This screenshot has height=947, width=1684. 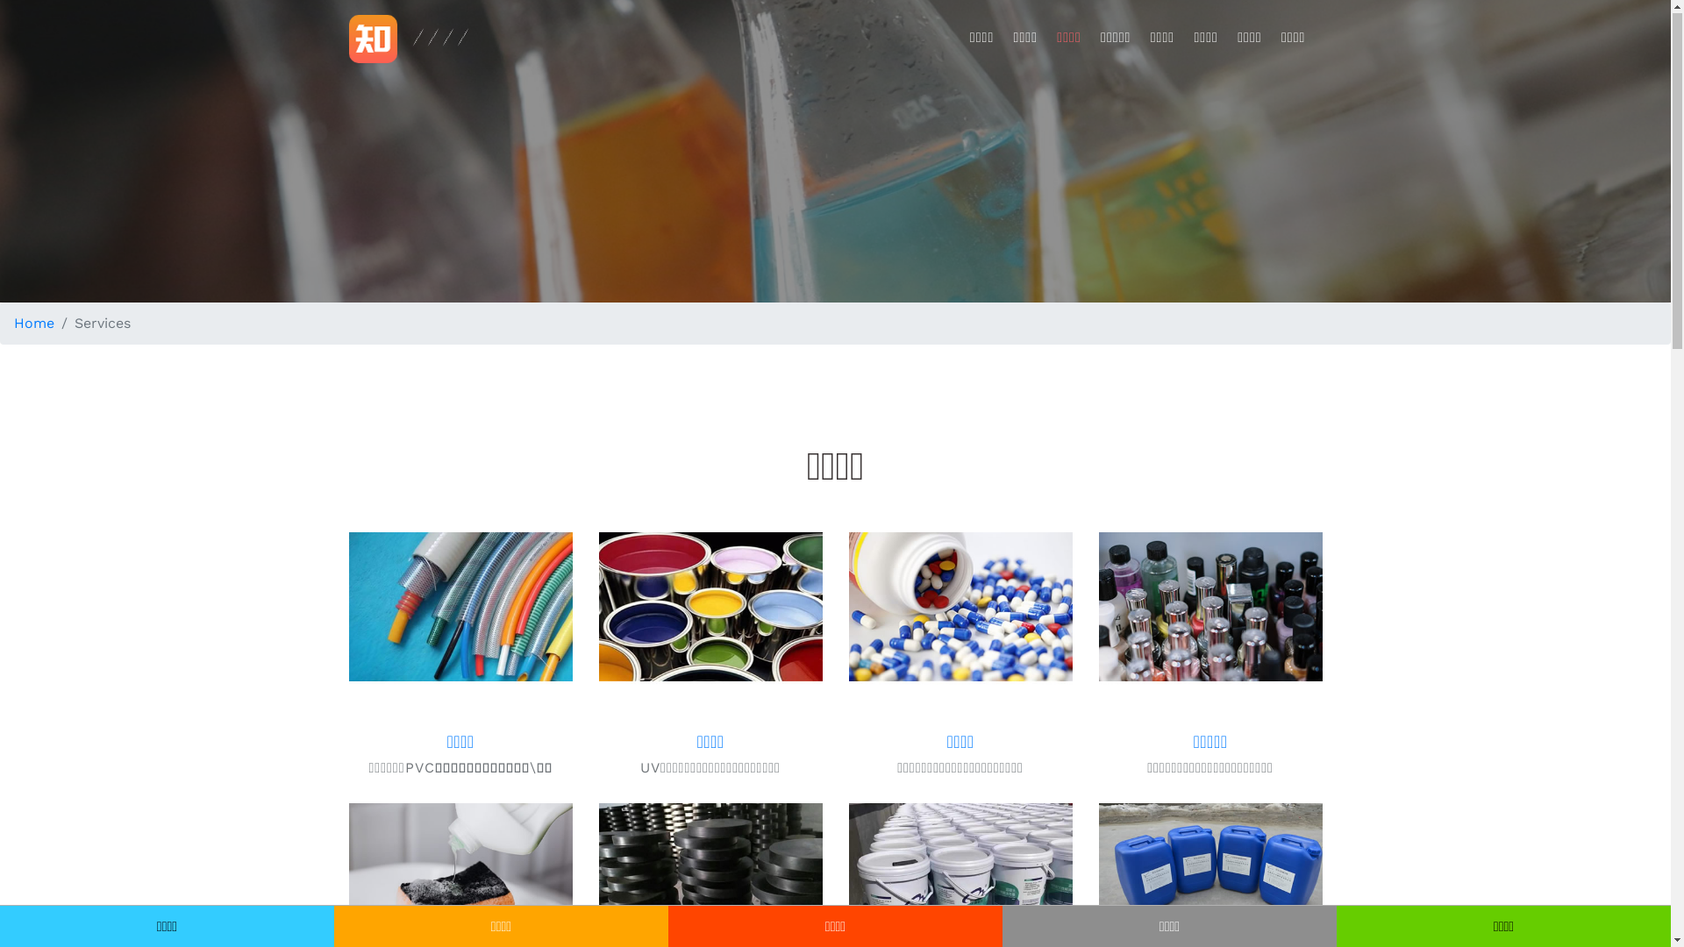 I want to click on 'Home', so click(x=33, y=324).